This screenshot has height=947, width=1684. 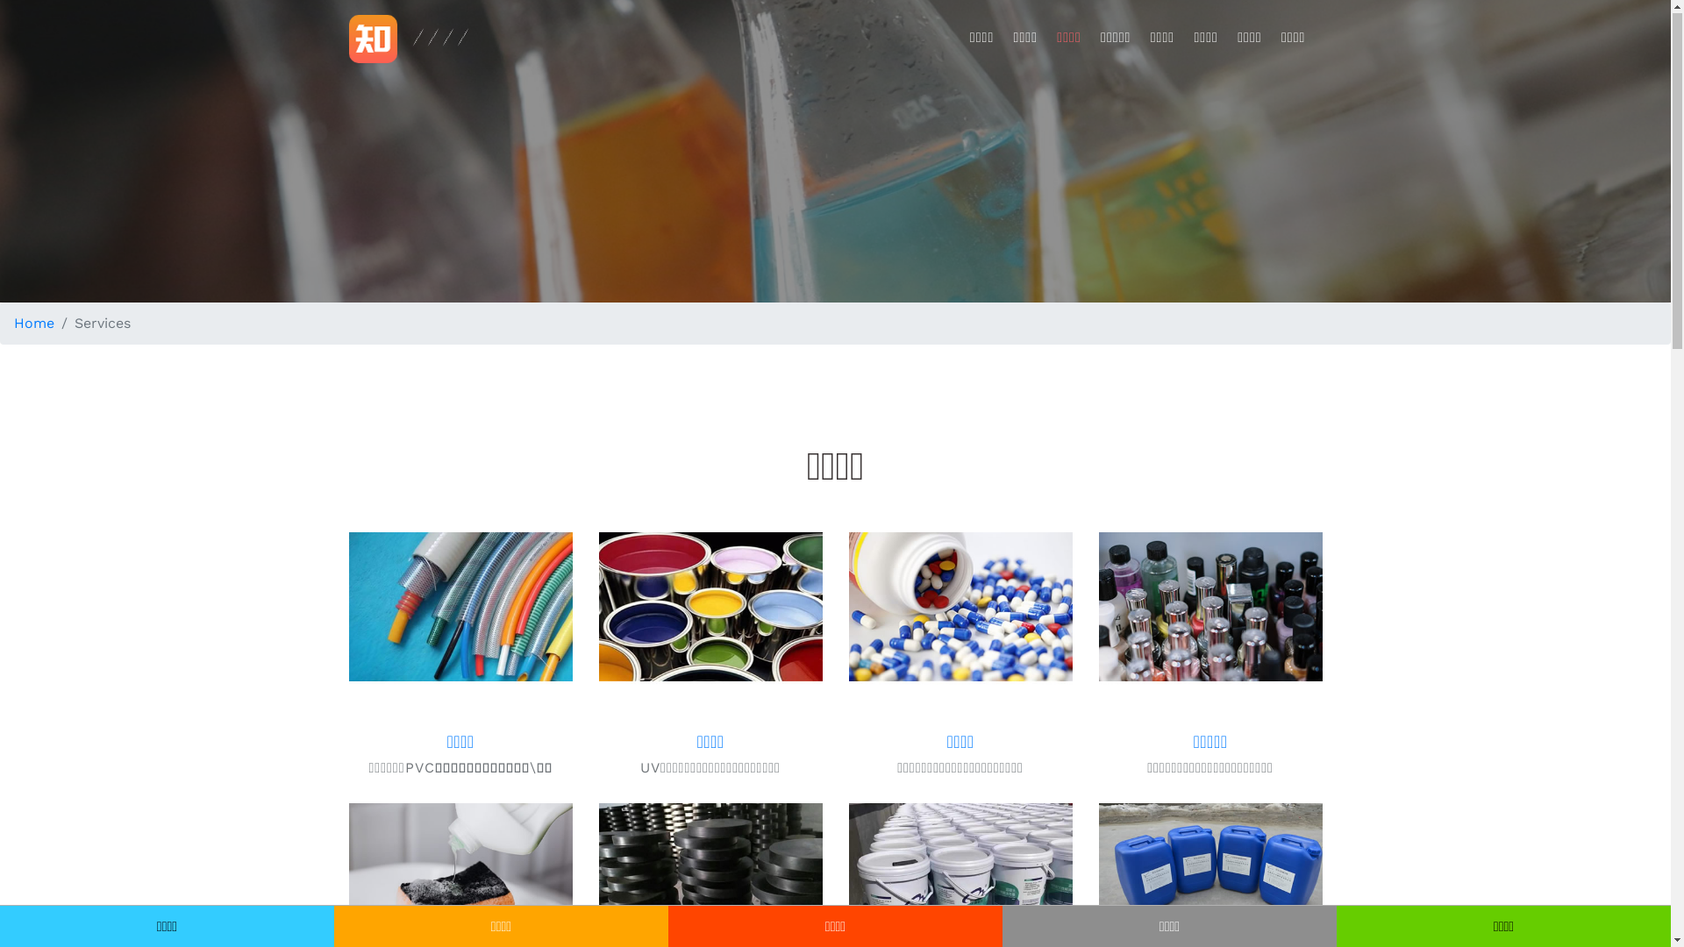 I want to click on 'Home', so click(x=33, y=324).